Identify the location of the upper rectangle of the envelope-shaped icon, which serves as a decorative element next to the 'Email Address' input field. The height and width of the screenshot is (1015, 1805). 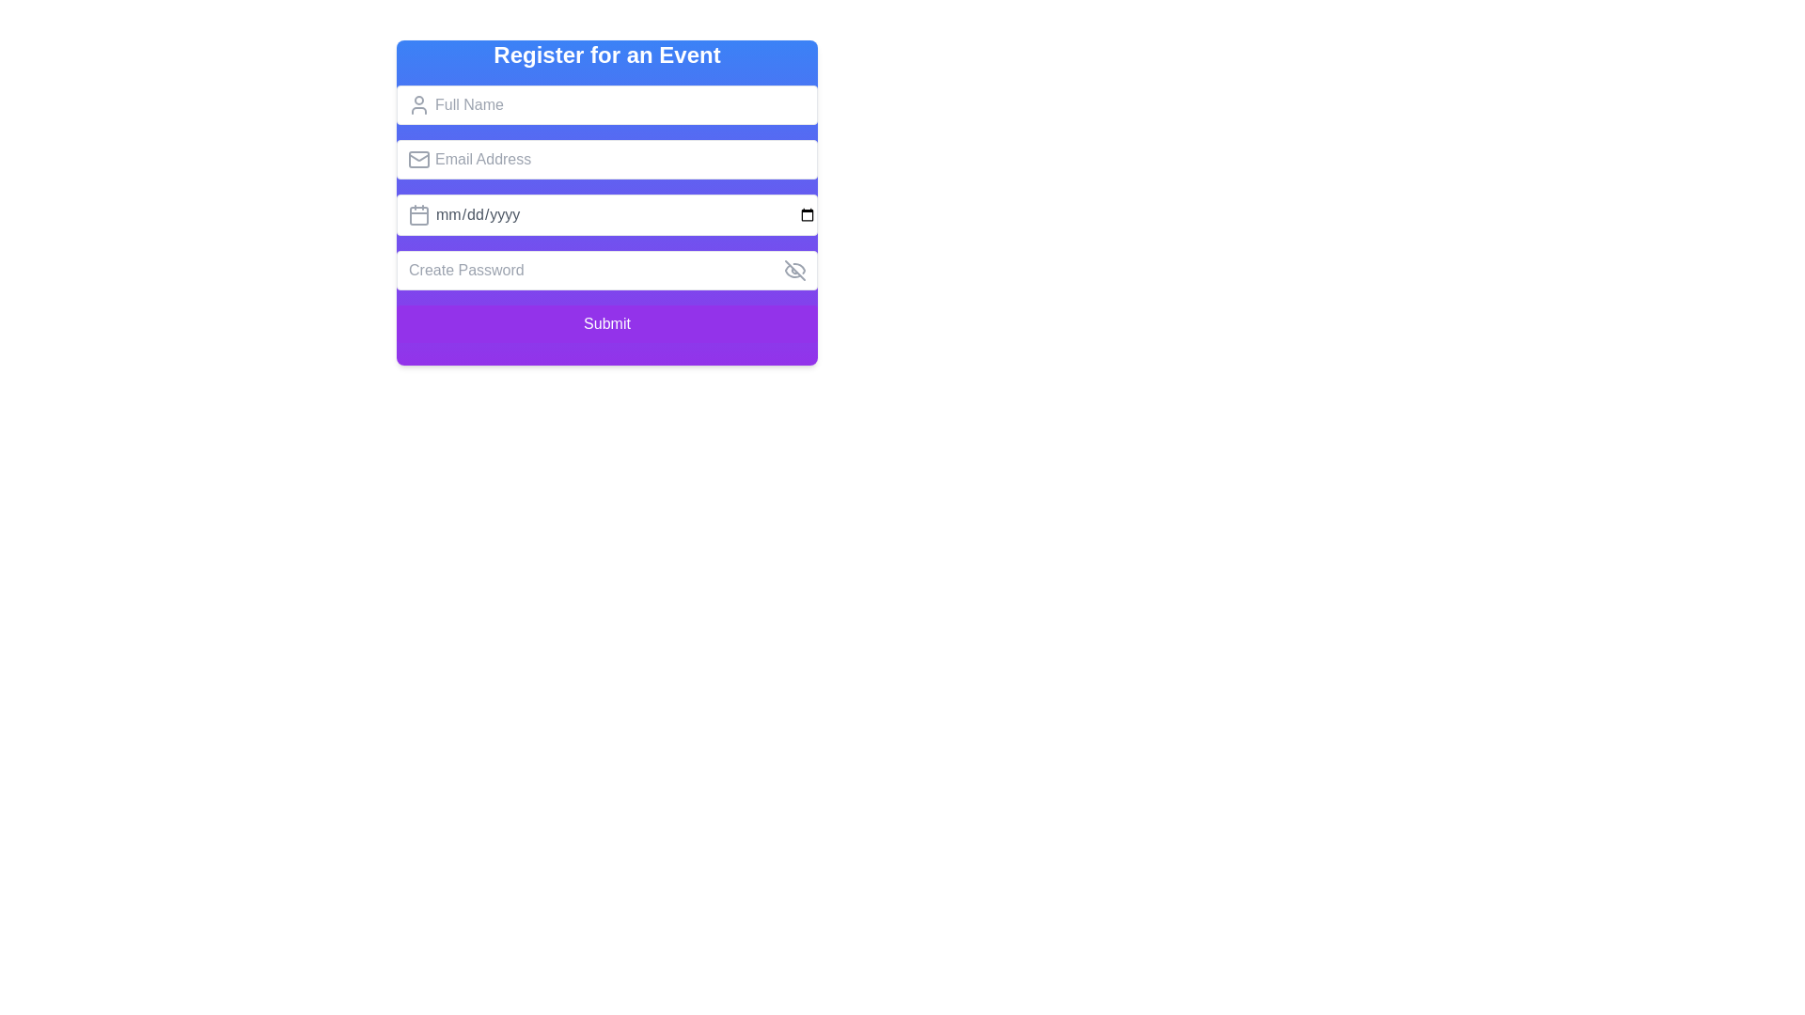
(418, 158).